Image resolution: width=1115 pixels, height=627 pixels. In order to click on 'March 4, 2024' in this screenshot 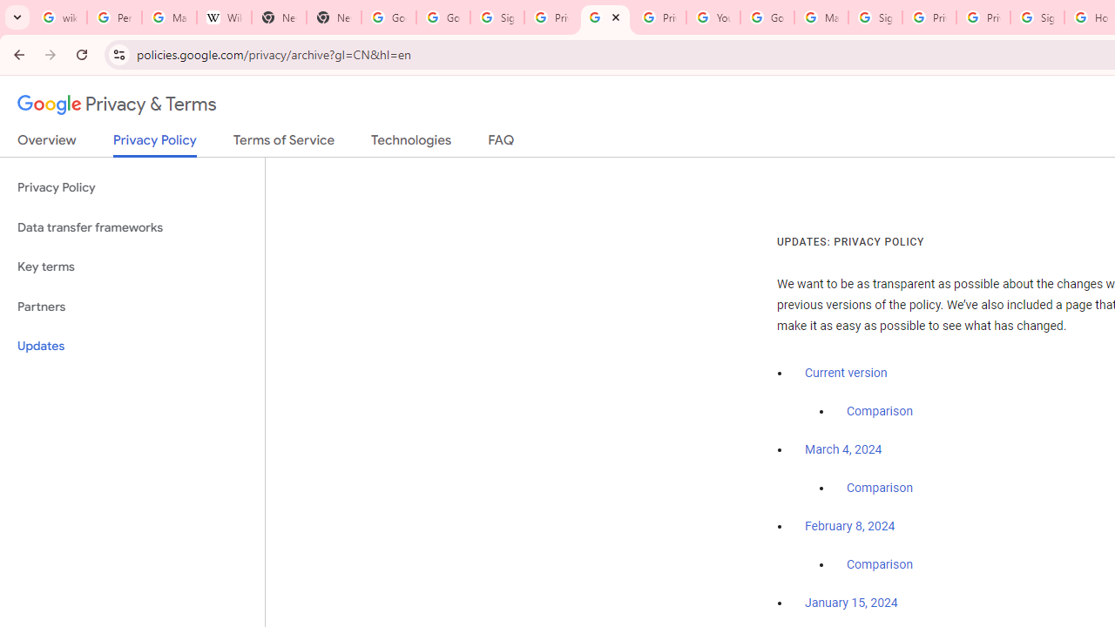, I will do `click(843, 449)`.